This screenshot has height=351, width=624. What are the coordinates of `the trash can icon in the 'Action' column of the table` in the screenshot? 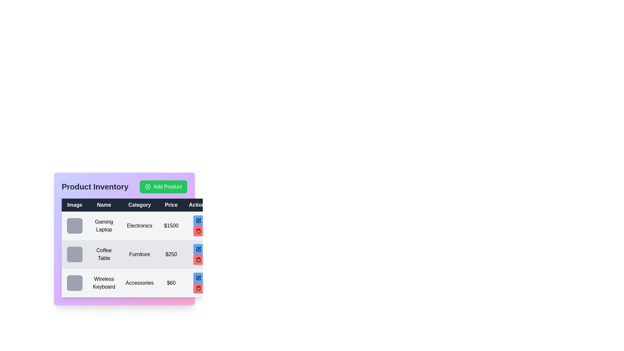 It's located at (198, 230).